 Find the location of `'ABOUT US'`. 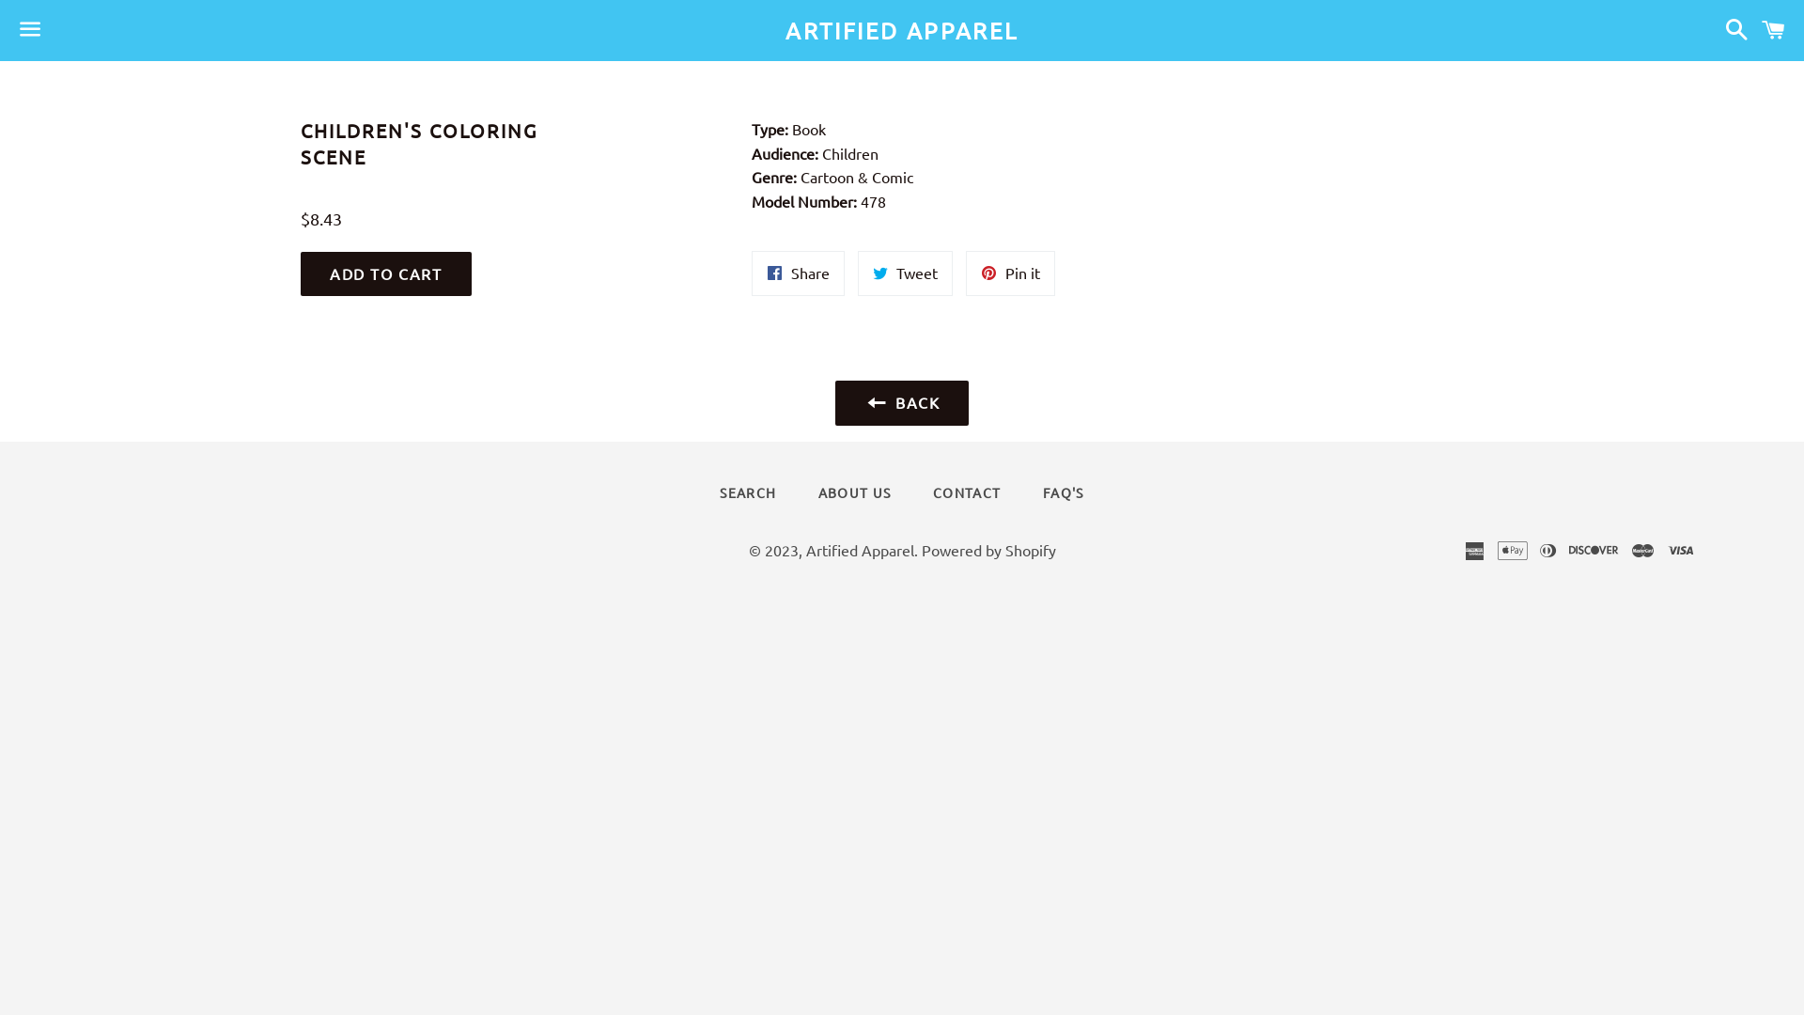

'ABOUT US' is located at coordinates (854, 492).